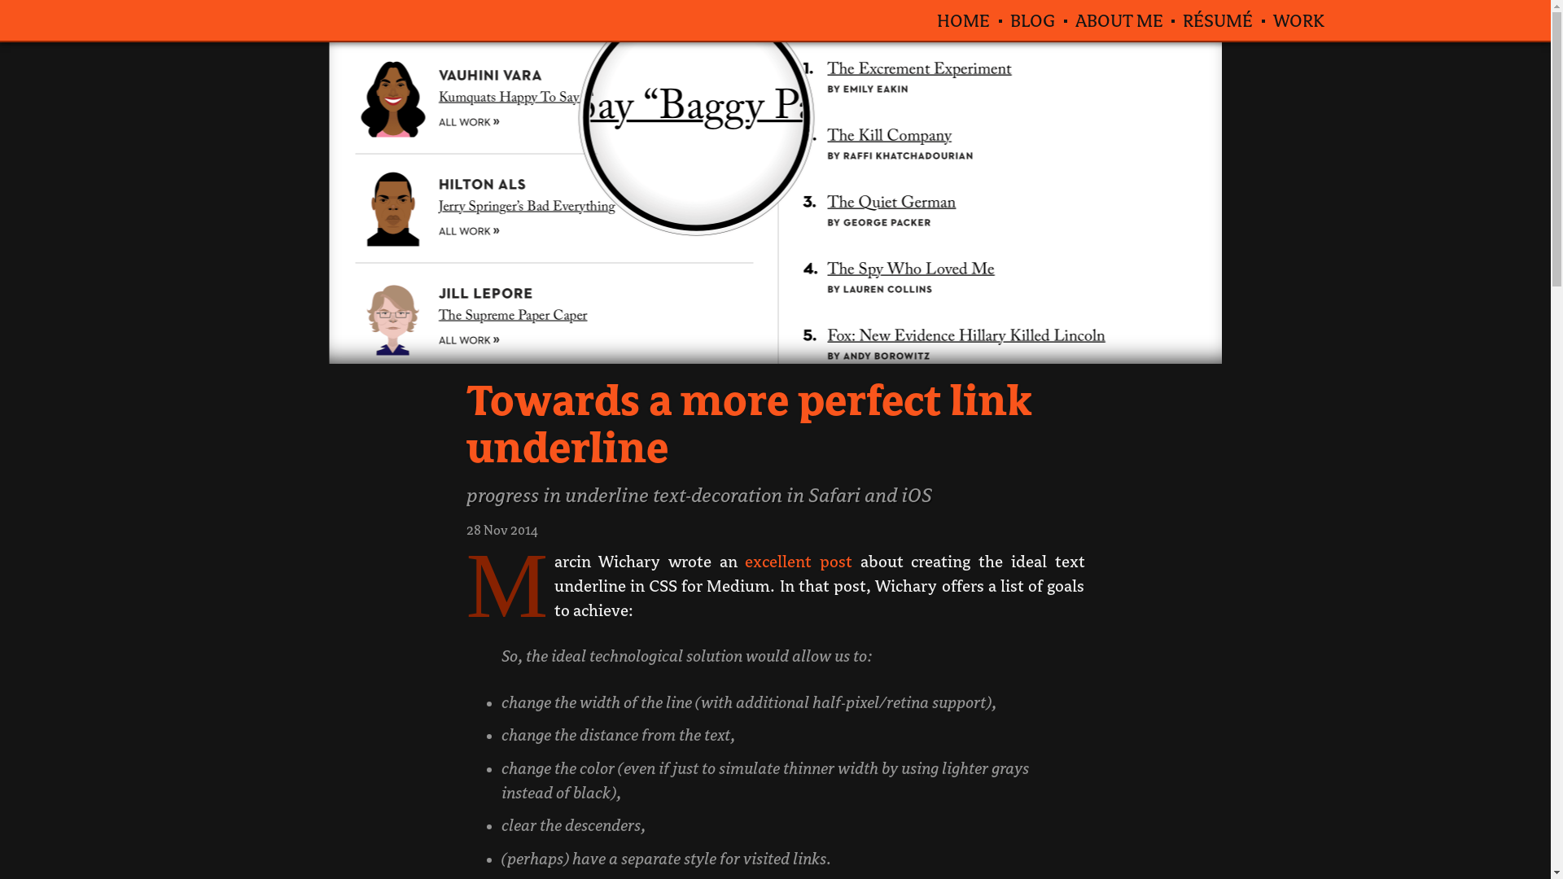 Image resolution: width=1563 pixels, height=879 pixels. What do you see at coordinates (1031, 20) in the screenshot?
I see `'BLOG'` at bounding box center [1031, 20].